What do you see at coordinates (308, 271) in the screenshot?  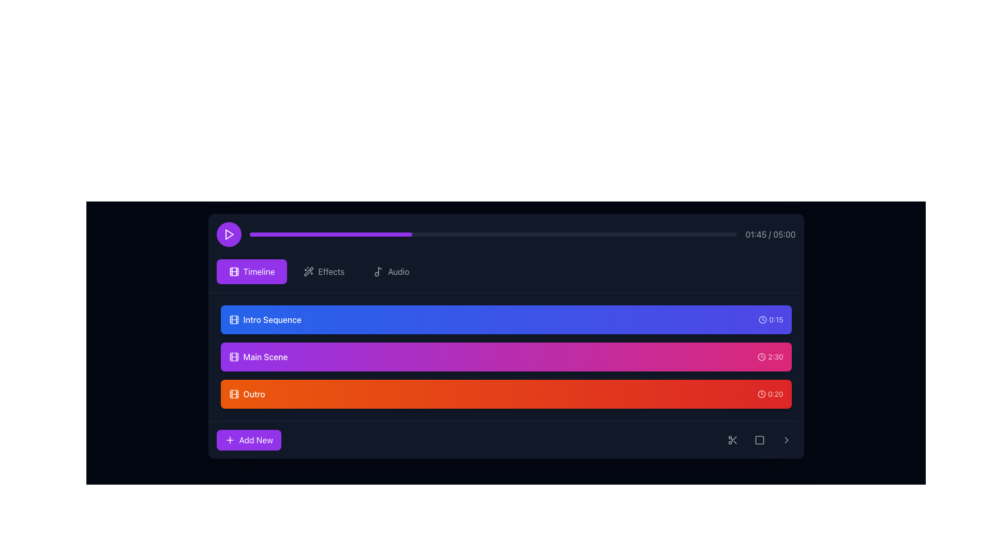 I see `the magic wand icon with sparkles, which is located within the 'Effects' navigation button at the top of the interface` at bounding box center [308, 271].